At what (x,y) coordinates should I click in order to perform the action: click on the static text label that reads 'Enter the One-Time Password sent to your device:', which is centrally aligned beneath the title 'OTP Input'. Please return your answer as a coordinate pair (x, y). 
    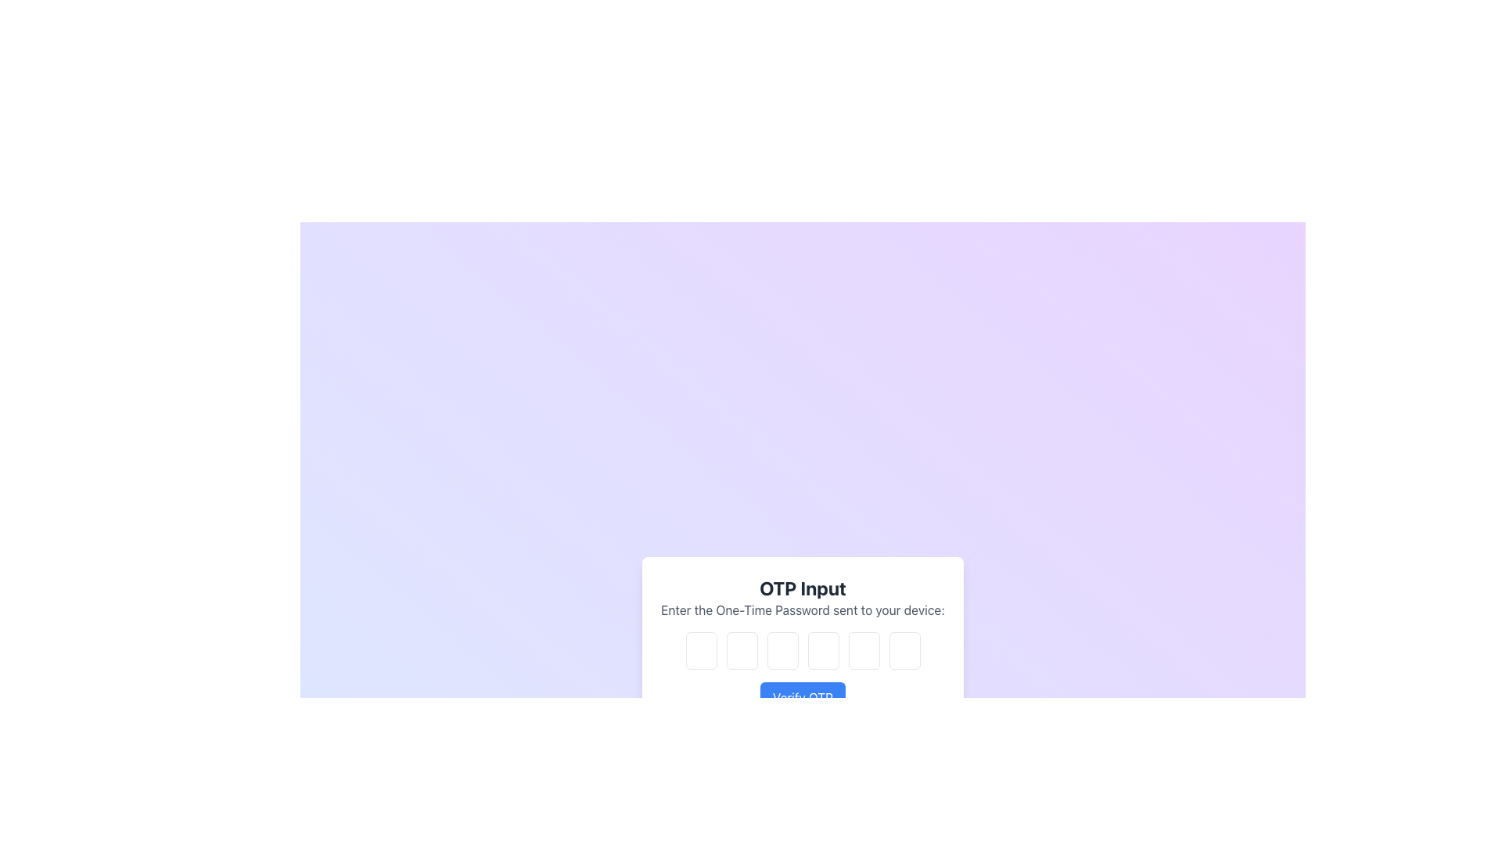
    Looking at the image, I should click on (803, 609).